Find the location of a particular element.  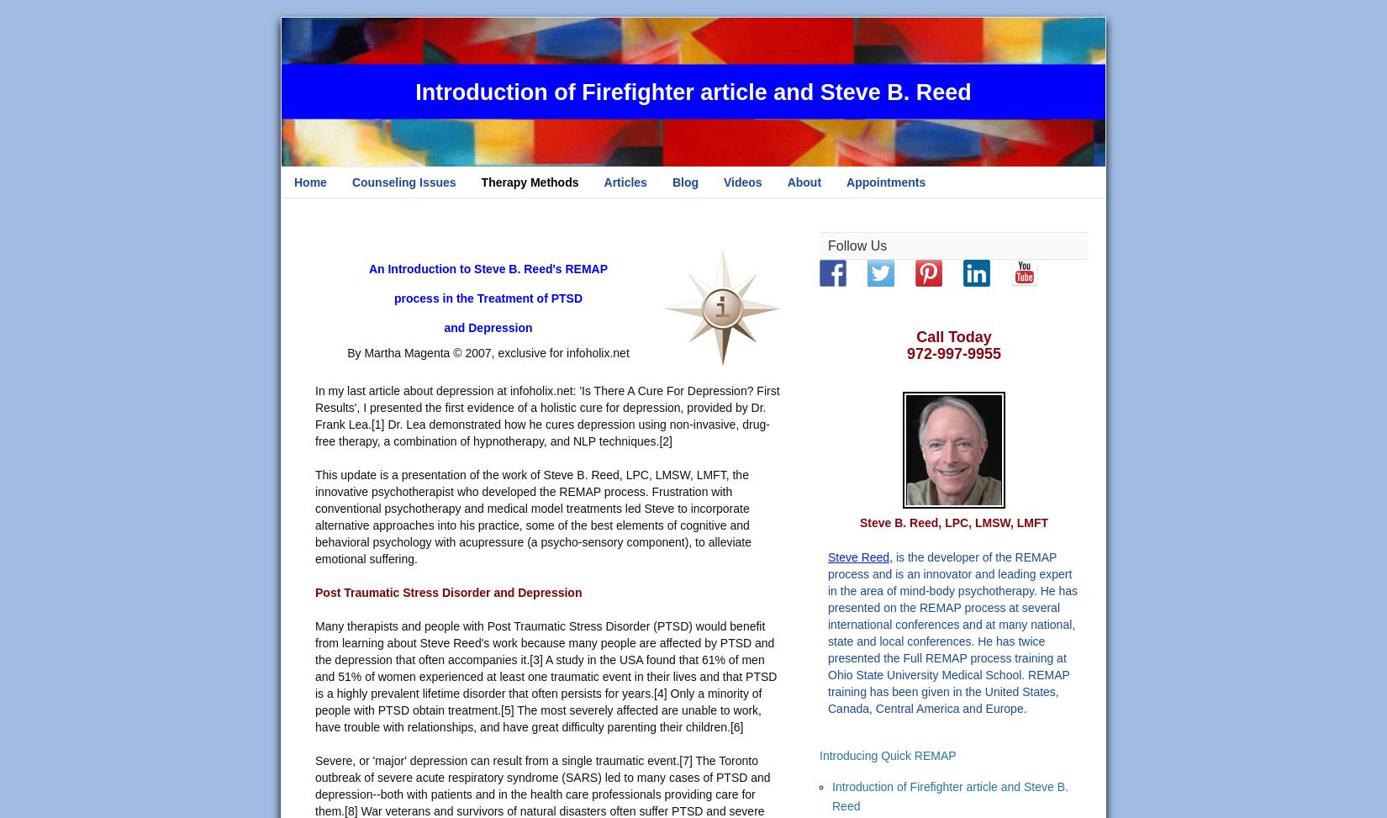

'An Introduction to Steve B. Reed's REMAP' is located at coordinates (487, 268).